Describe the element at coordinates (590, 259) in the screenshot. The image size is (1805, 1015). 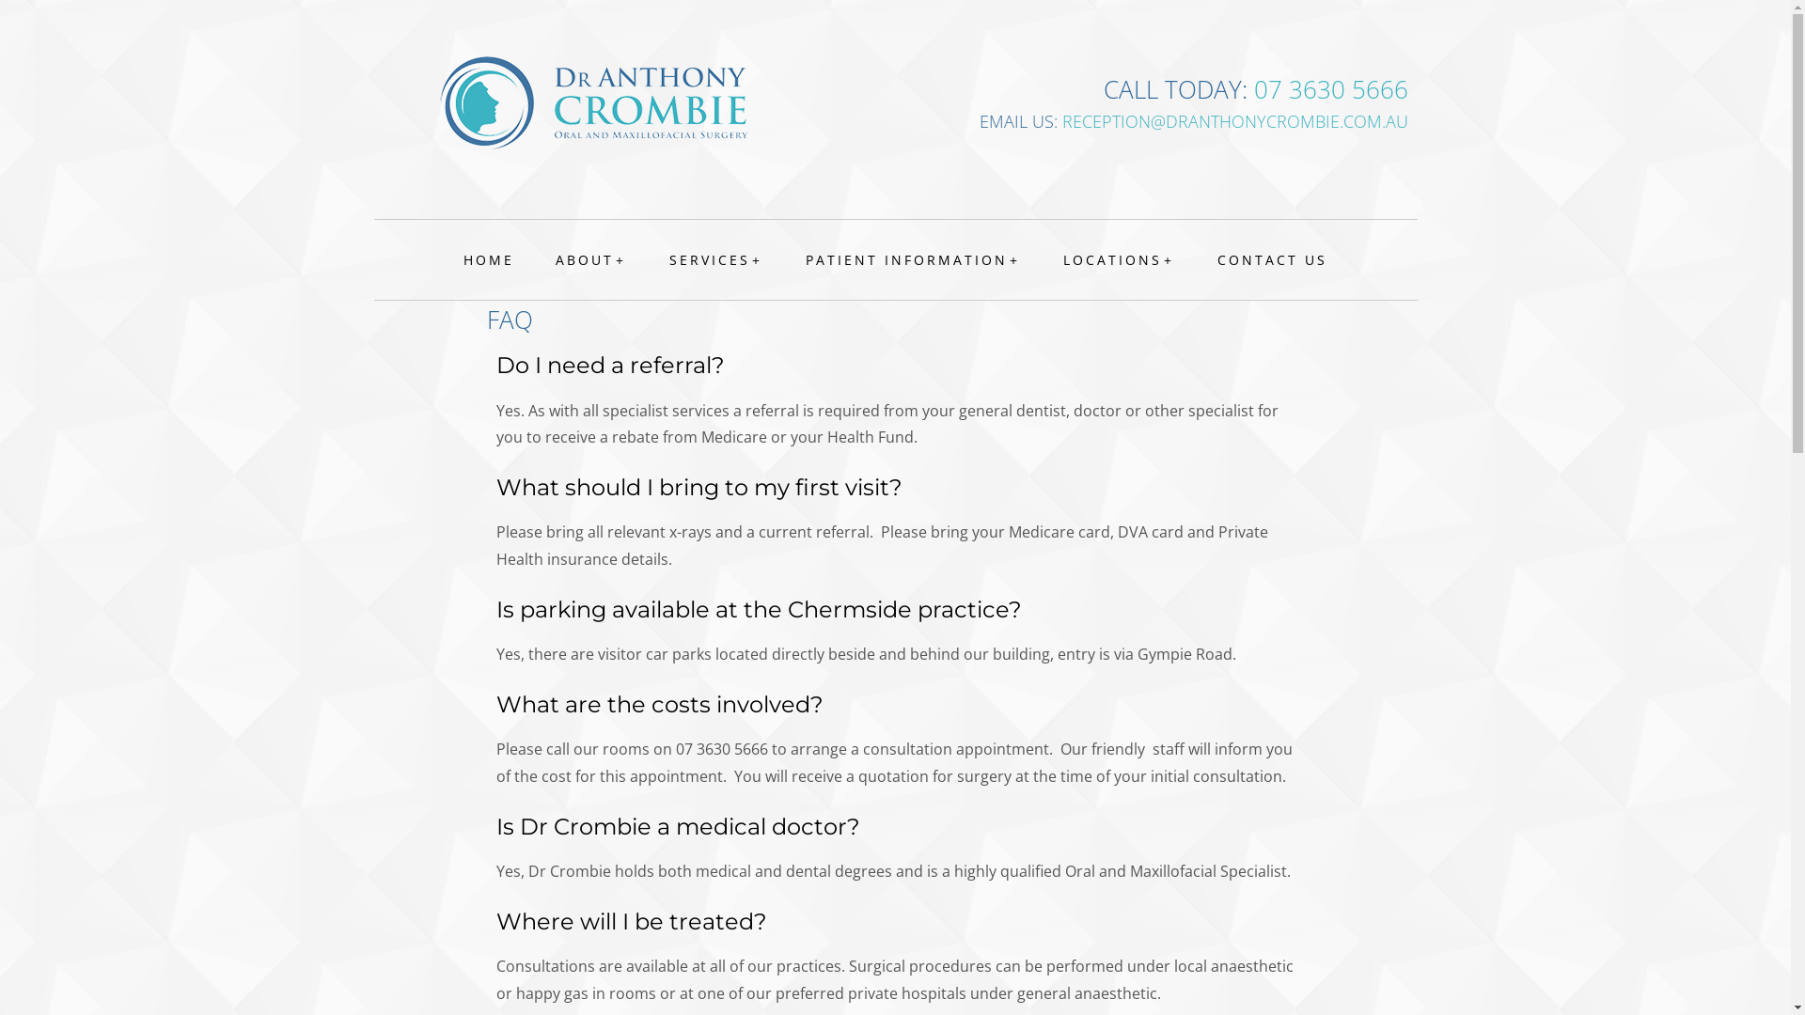
I see `'ABOUT'` at that location.